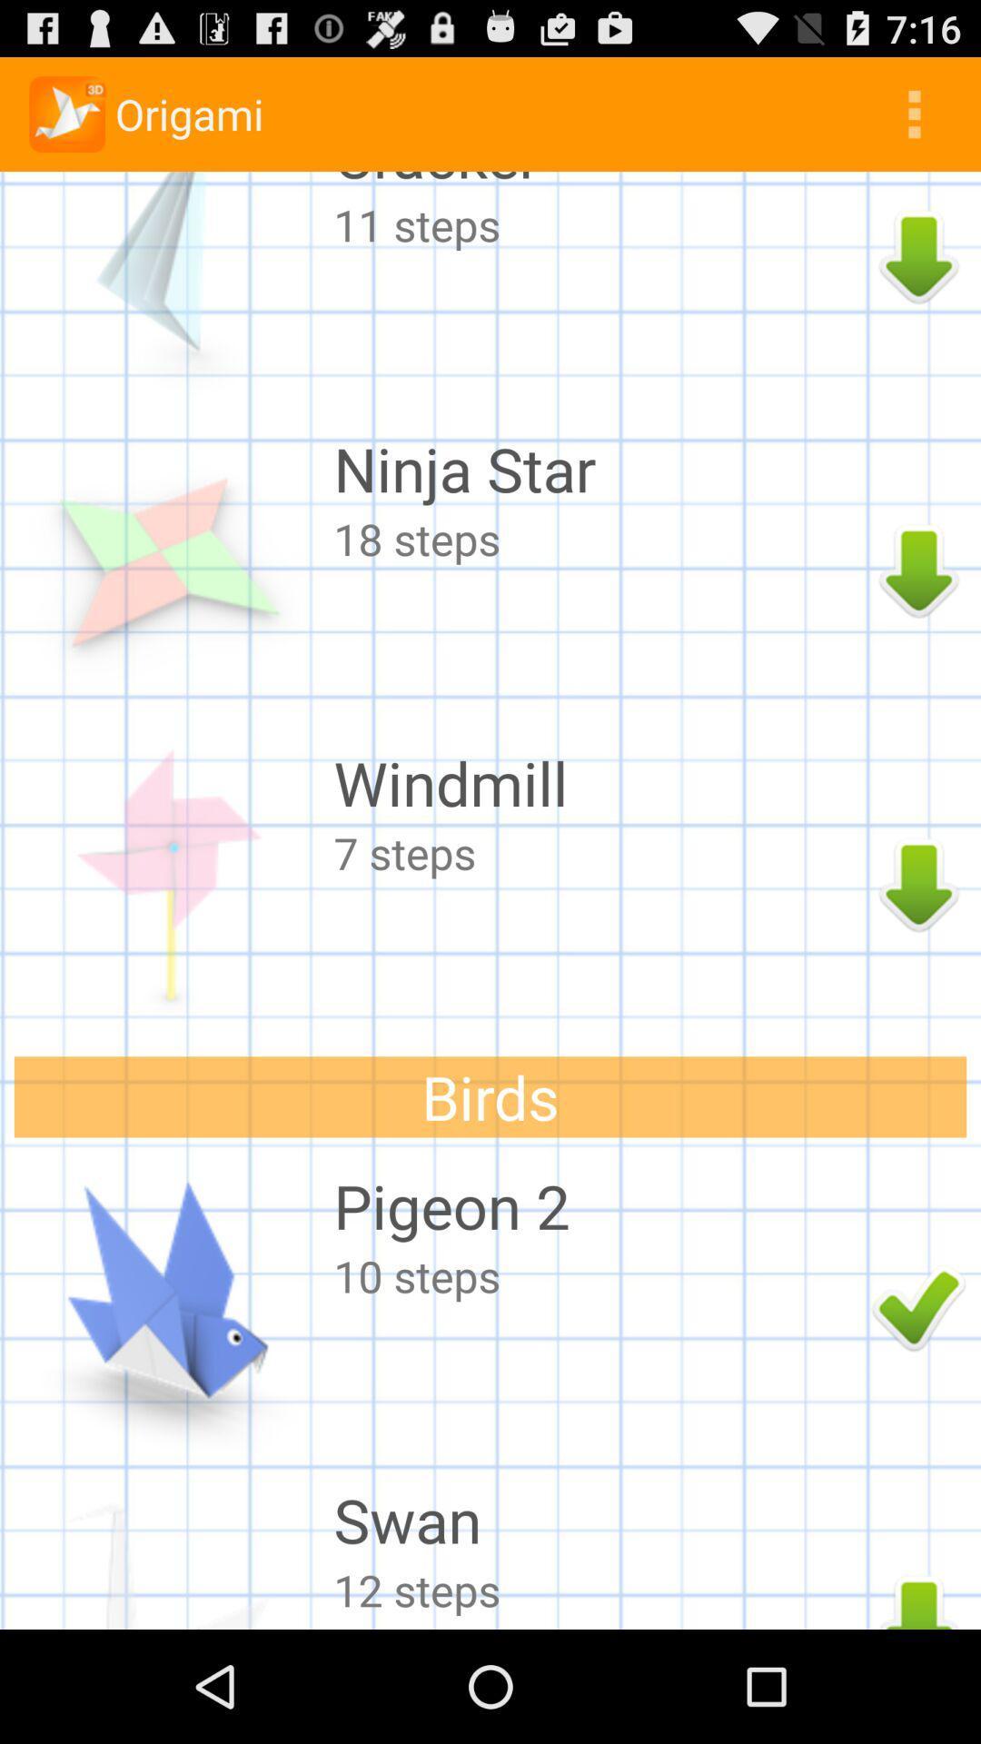  Describe the element at coordinates (598, 1589) in the screenshot. I see `12 steps item` at that location.